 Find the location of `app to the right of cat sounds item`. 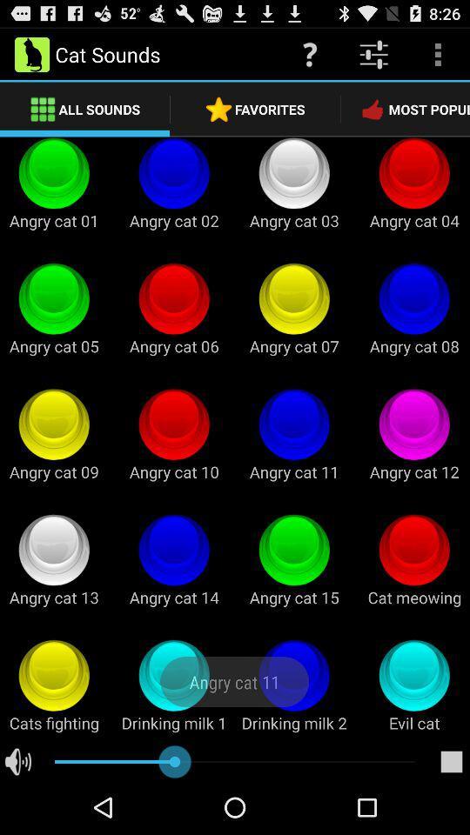

app to the right of cat sounds item is located at coordinates (309, 54).